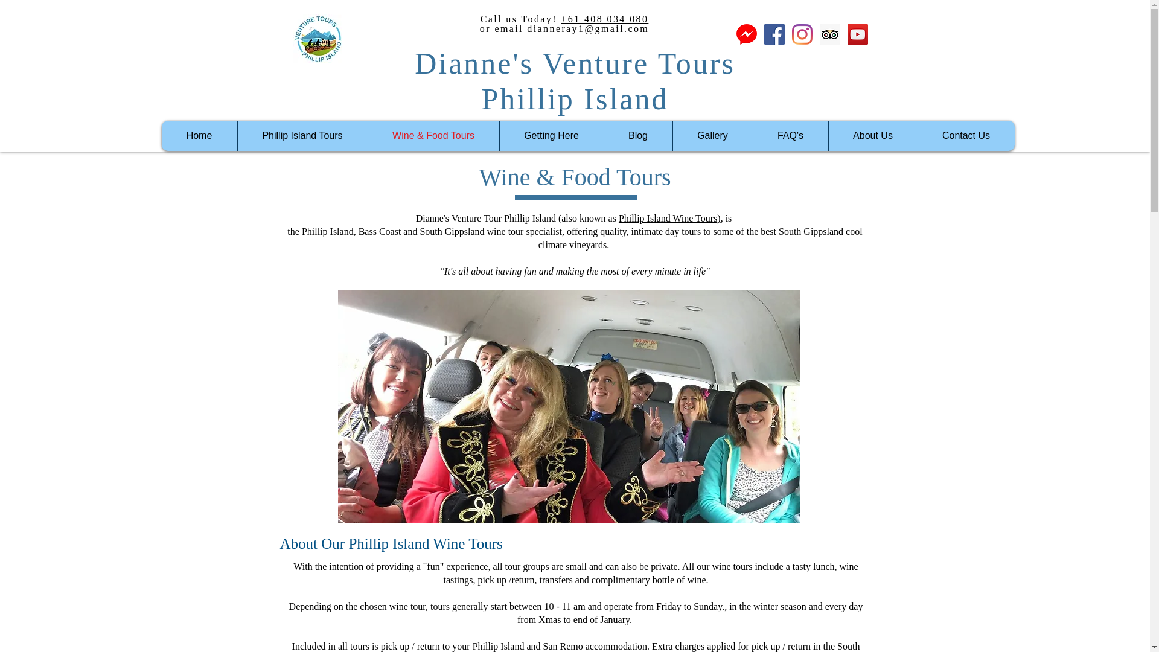 Image resolution: width=1159 pixels, height=652 pixels. What do you see at coordinates (872, 135) in the screenshot?
I see `'About Us'` at bounding box center [872, 135].